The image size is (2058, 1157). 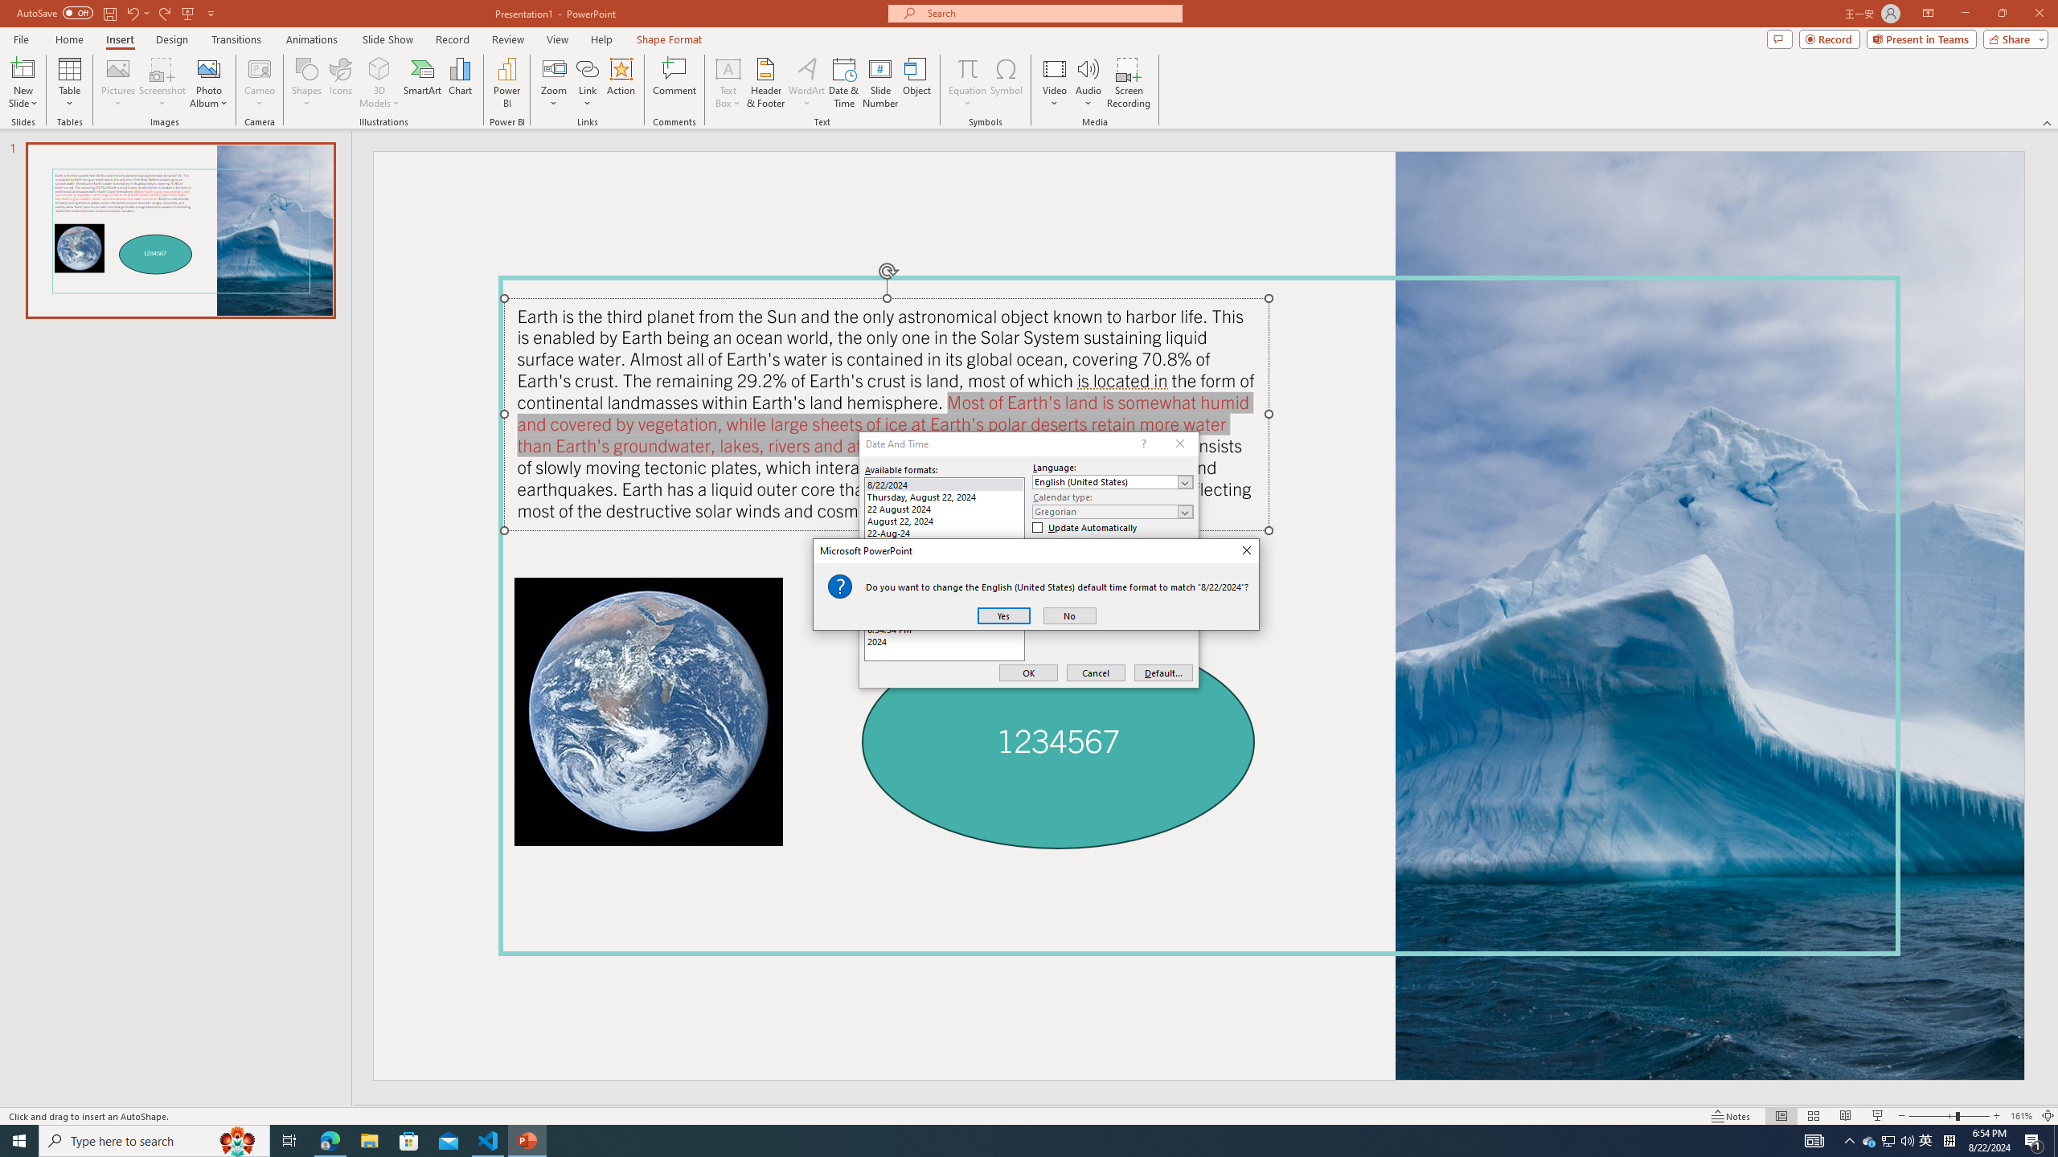 What do you see at coordinates (1141, 443) in the screenshot?
I see `'Context help'` at bounding box center [1141, 443].